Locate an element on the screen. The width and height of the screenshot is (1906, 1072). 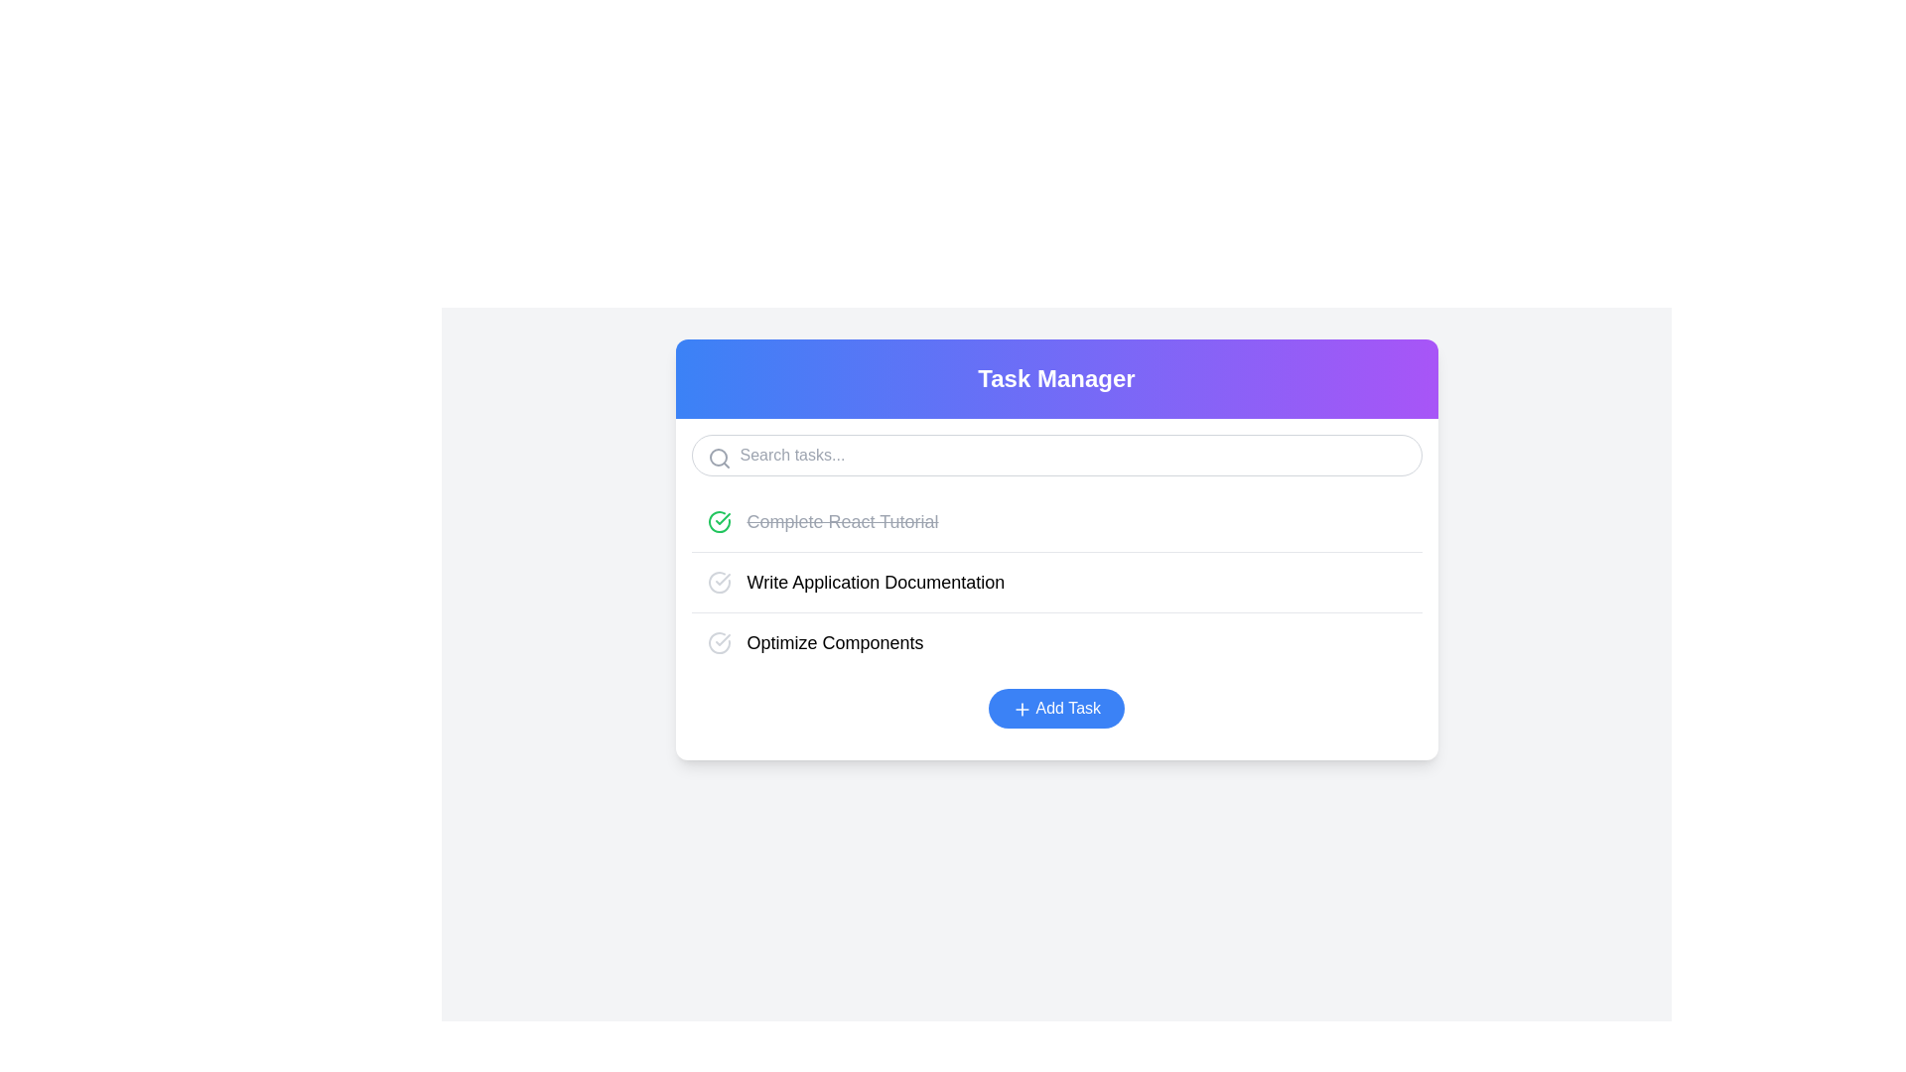
the text label indicating a completed task, which features a strikethrough style and is the first item in a vertical task list is located at coordinates (843, 520).